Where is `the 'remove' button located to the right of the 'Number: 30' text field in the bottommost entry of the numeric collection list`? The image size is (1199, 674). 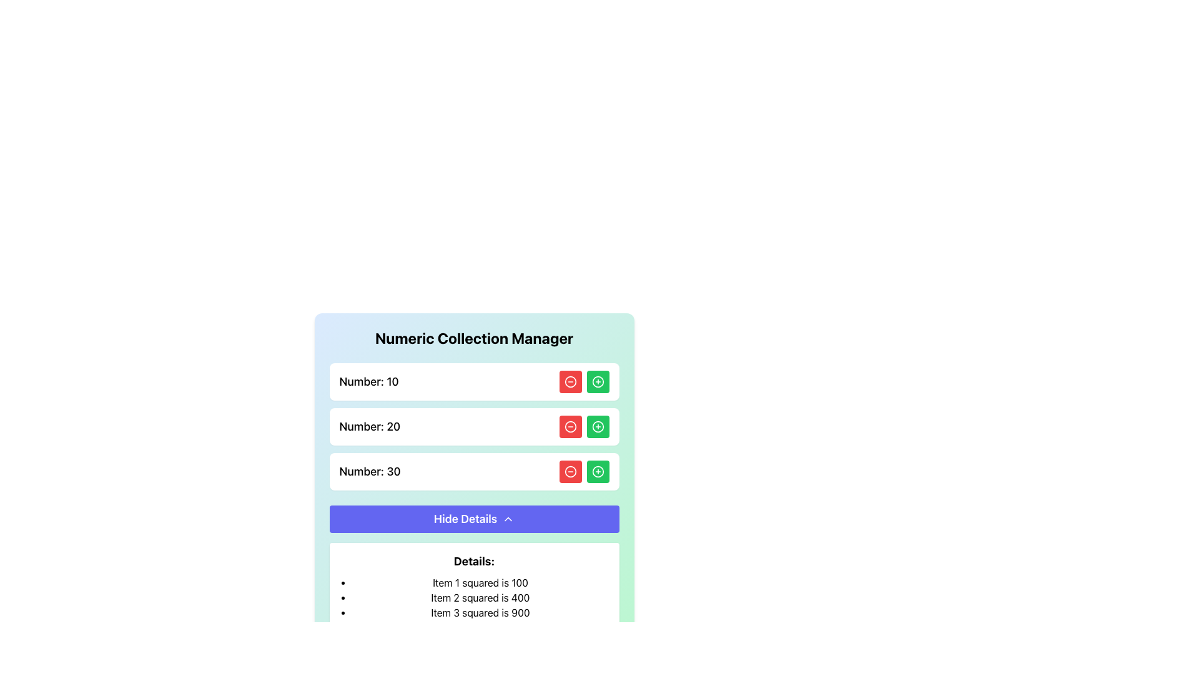
the 'remove' button located to the right of the 'Number: 30' text field in the bottommost entry of the numeric collection list is located at coordinates (570, 472).